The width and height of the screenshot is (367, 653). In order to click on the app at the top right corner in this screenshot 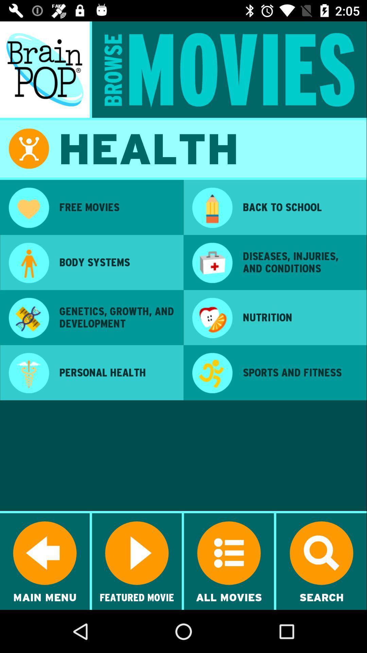, I will do `click(300, 207)`.